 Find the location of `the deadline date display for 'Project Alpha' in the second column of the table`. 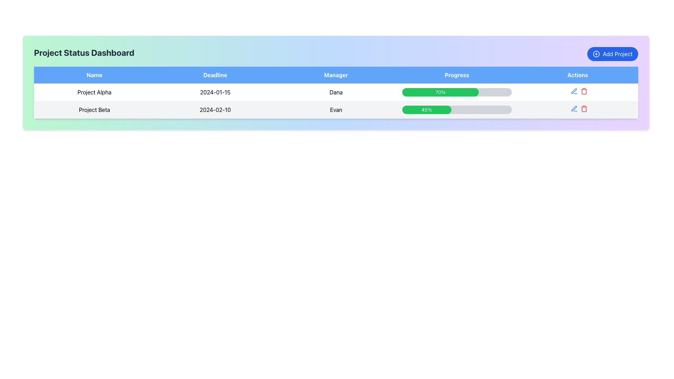

the deadline date display for 'Project Alpha' in the second column of the table is located at coordinates (215, 92).